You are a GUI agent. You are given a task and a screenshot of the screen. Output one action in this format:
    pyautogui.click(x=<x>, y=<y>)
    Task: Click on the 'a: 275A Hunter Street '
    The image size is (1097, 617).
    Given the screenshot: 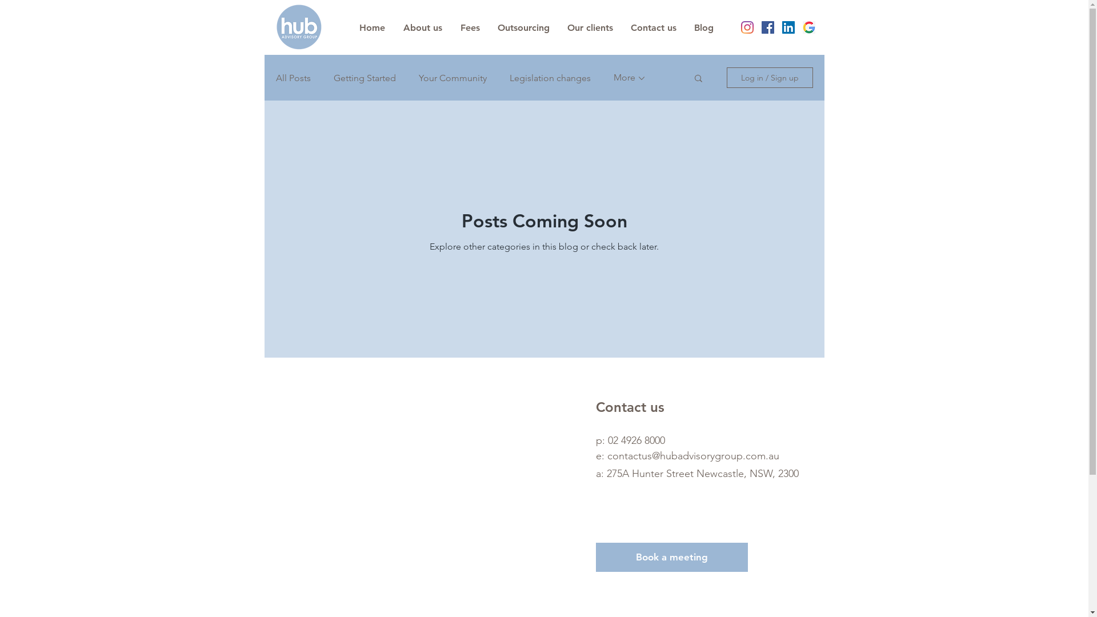 What is the action you would take?
    pyautogui.click(x=645, y=474)
    